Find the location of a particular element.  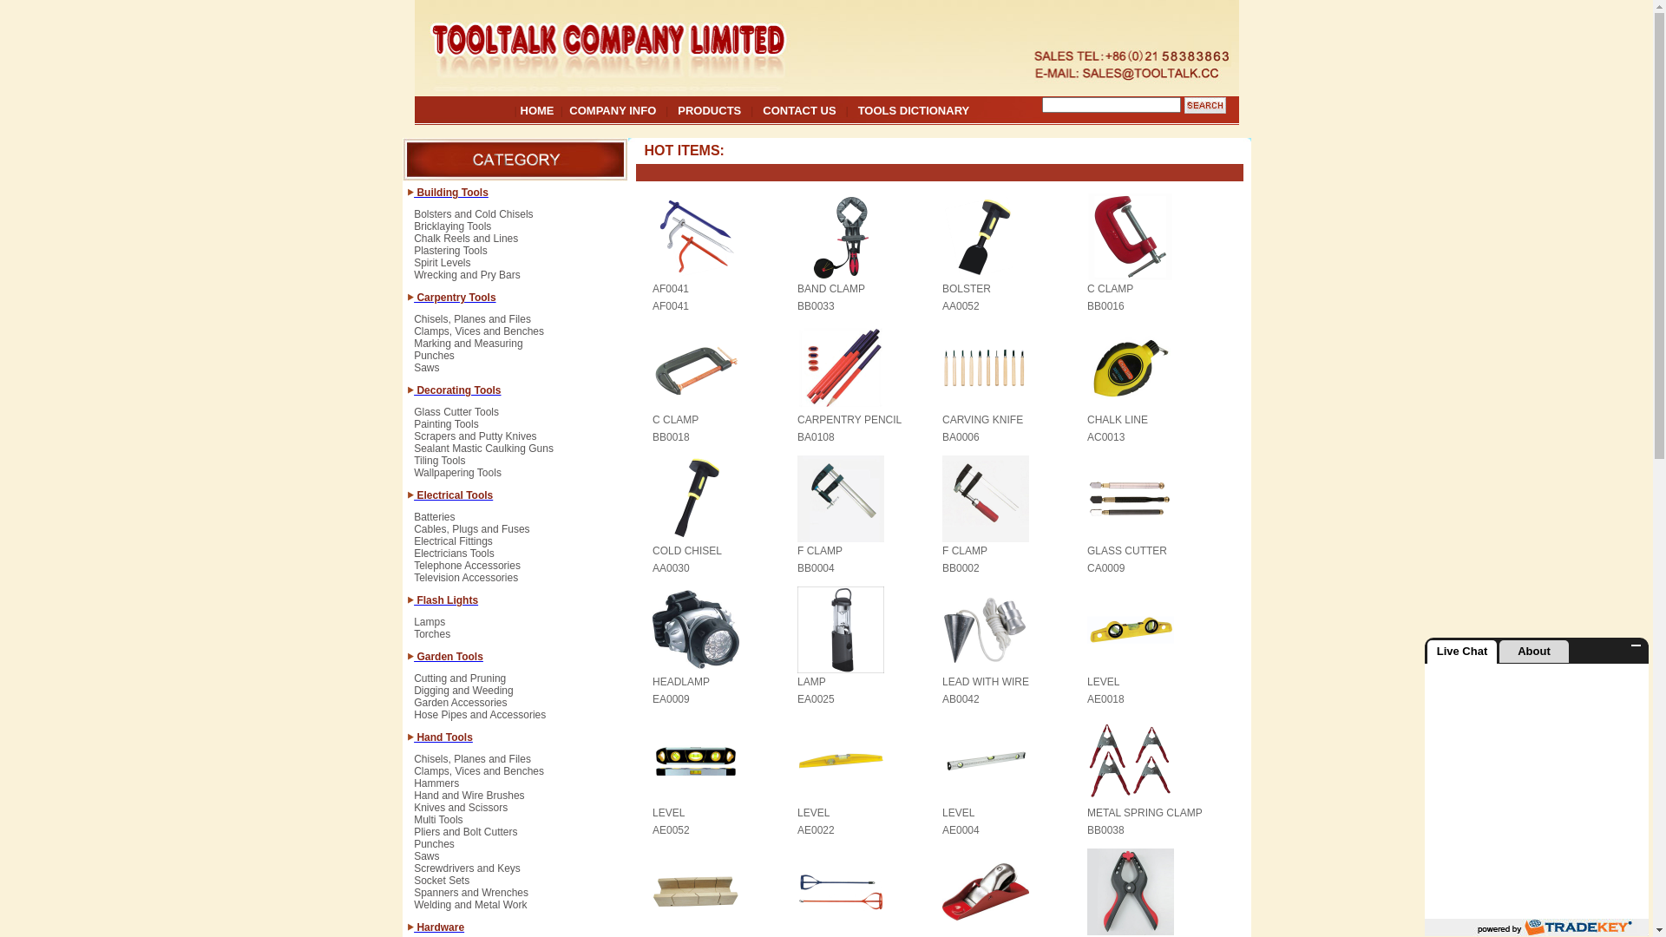

'Torches' is located at coordinates (432, 634).